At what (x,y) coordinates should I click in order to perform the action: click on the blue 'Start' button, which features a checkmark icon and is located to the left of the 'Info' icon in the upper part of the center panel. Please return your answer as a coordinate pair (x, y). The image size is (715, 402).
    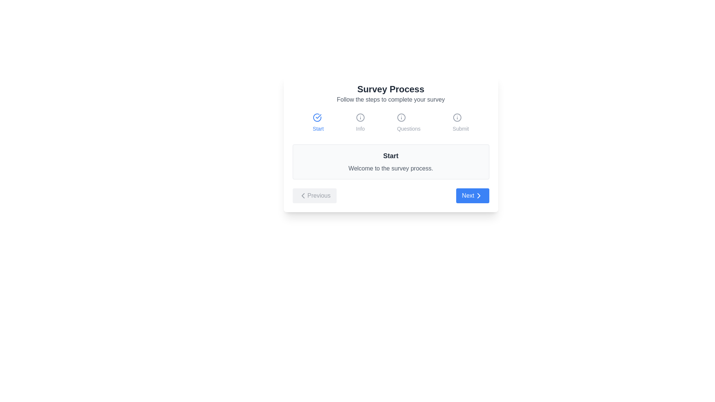
    Looking at the image, I should click on (318, 122).